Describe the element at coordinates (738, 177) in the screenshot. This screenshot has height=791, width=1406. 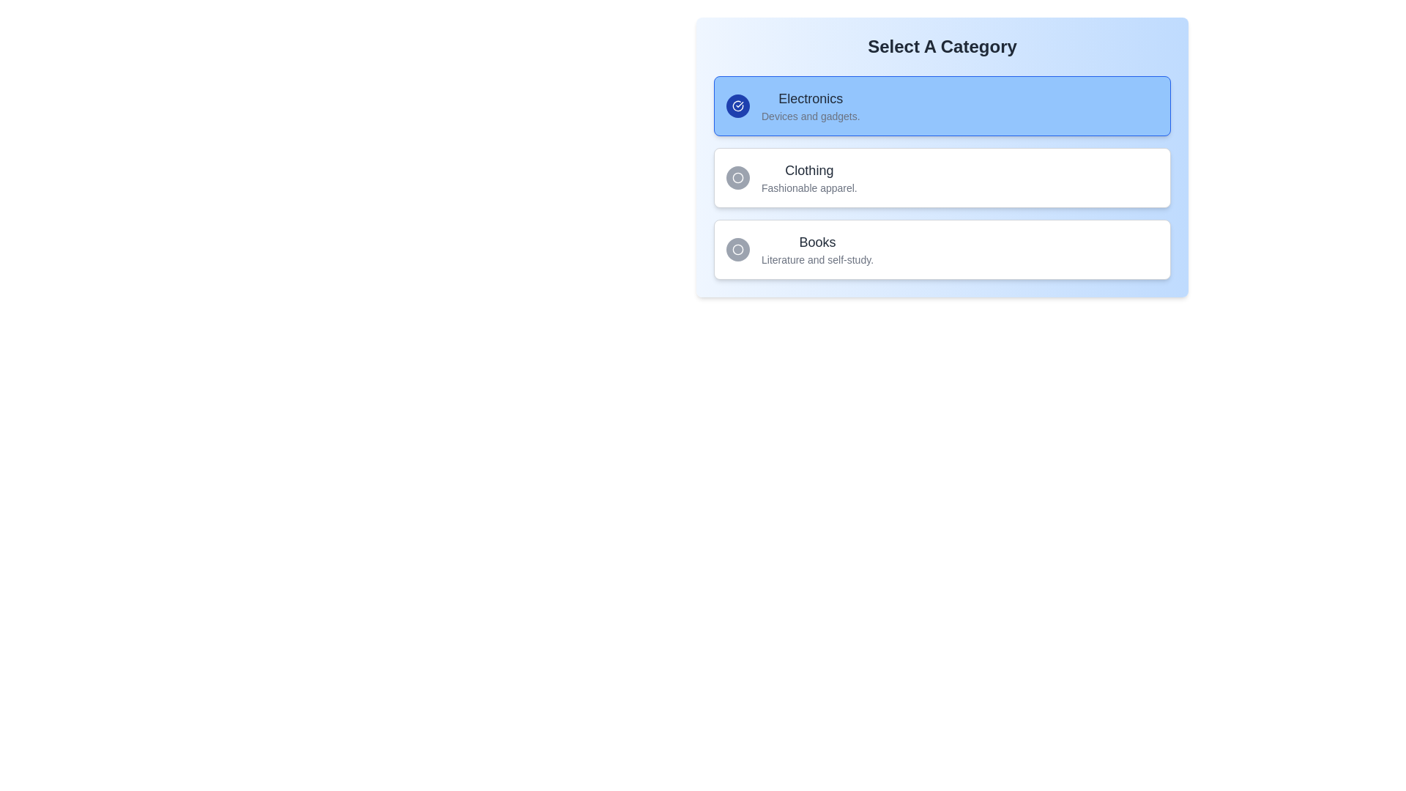
I see `the circular radio button with a gray background and white outline located to the left of the 'Clothing' text` at that location.